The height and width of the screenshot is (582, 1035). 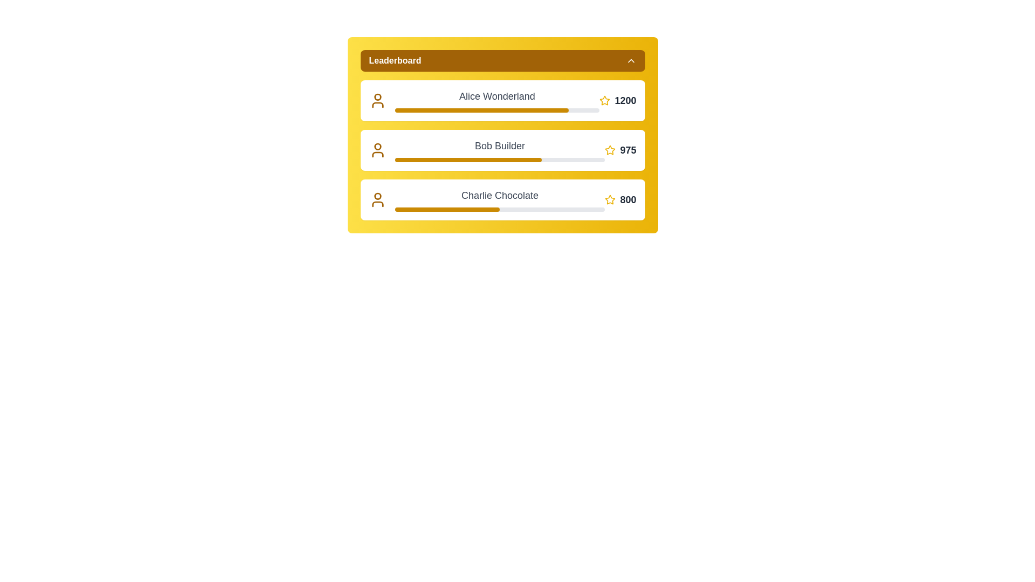 I want to click on the star icon indicating a notable status associated with the score '800', which is positioned on the last line of entries in the leaderboard interface, so click(x=610, y=199).